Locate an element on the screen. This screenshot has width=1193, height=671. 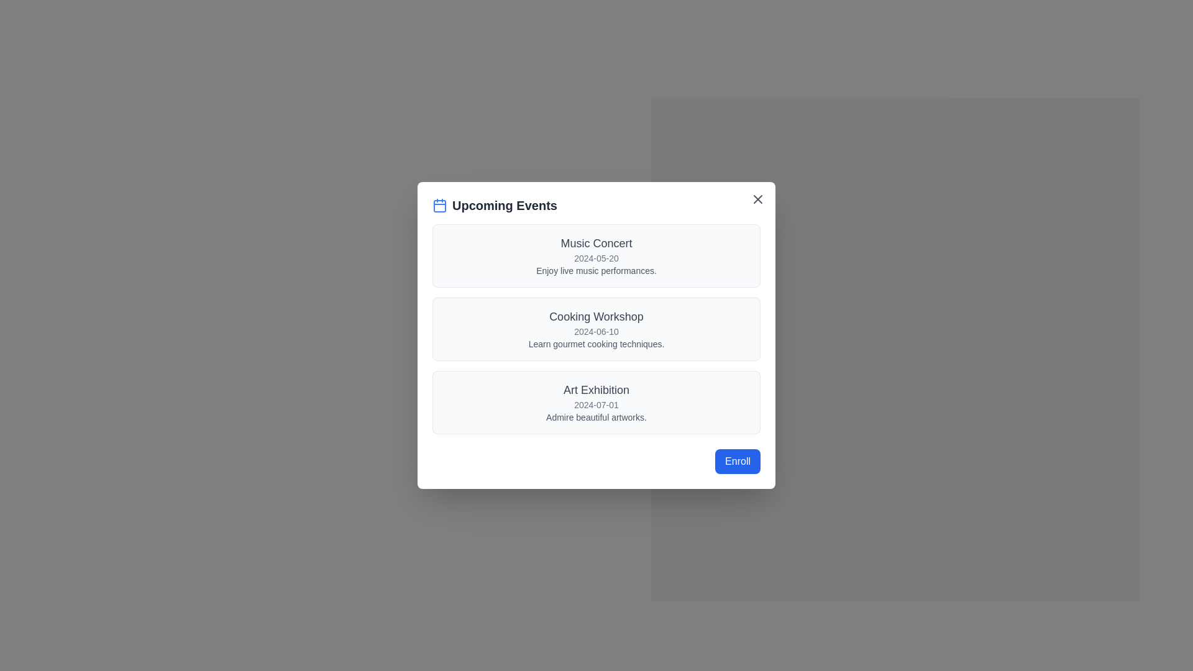
text label providing additional information about the 'Art Exhibition' event, which states 'Admire beautiful artworks.' located at the bottom of the event details list is located at coordinates (596, 417).